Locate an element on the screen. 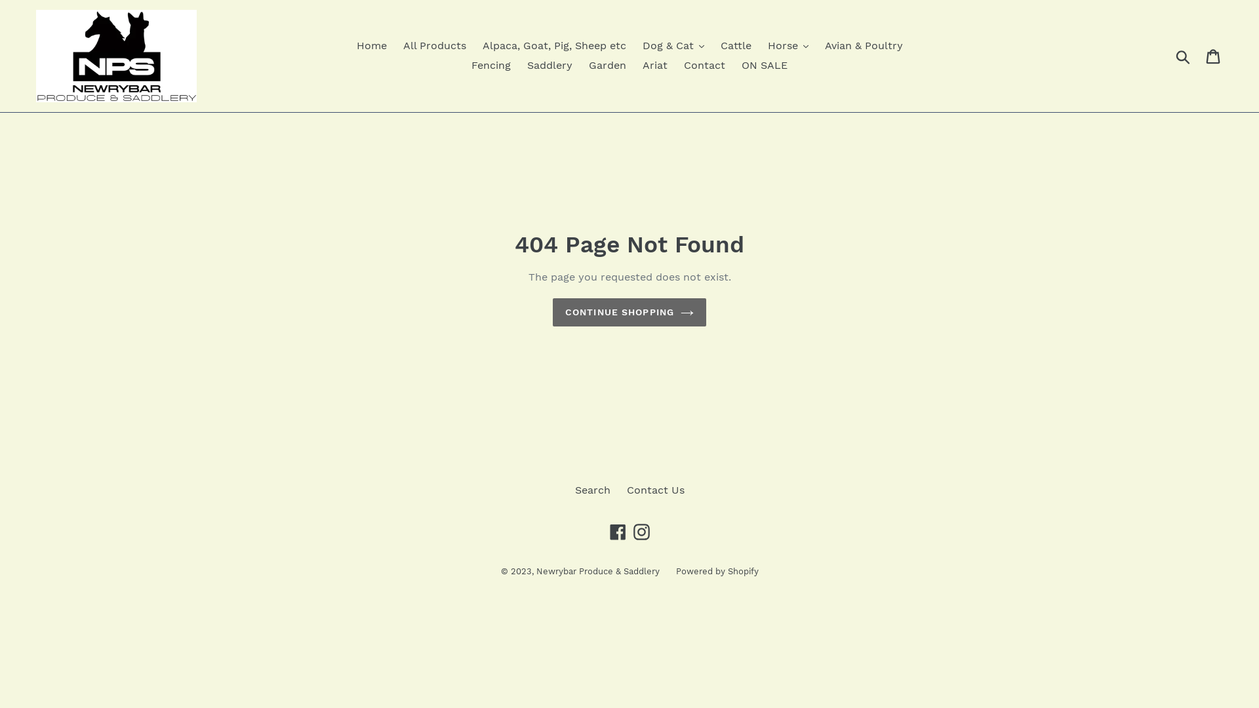  'Cart' is located at coordinates (1213, 55).